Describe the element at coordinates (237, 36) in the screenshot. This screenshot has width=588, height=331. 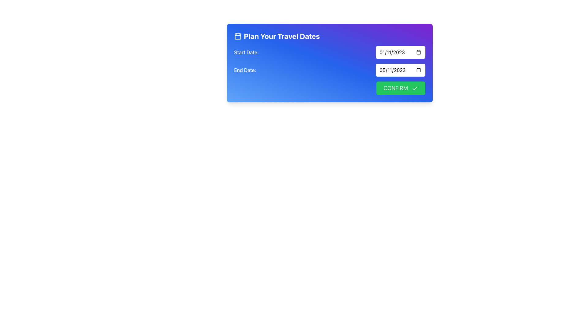
I see `the blue square with rounded corners within the calendar icon located on the left side of the plan-your-travel-dates header` at that location.